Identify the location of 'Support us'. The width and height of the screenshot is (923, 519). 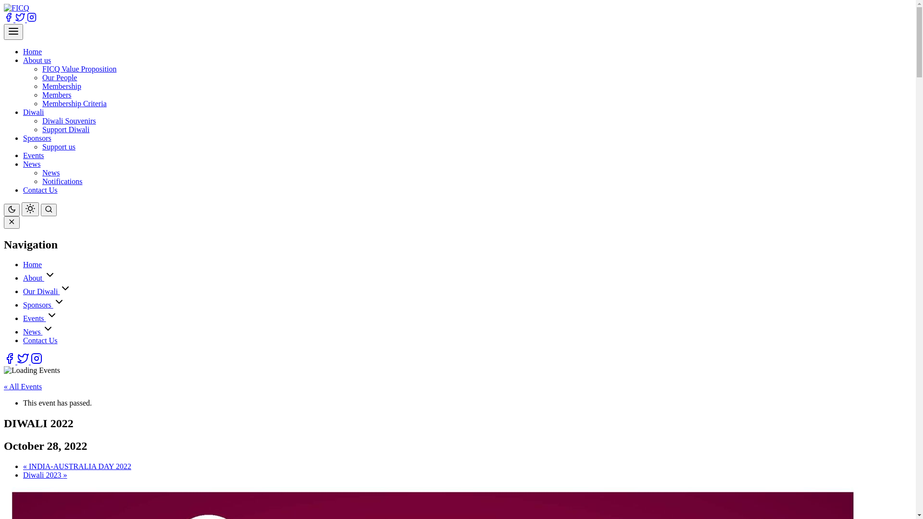
(58, 147).